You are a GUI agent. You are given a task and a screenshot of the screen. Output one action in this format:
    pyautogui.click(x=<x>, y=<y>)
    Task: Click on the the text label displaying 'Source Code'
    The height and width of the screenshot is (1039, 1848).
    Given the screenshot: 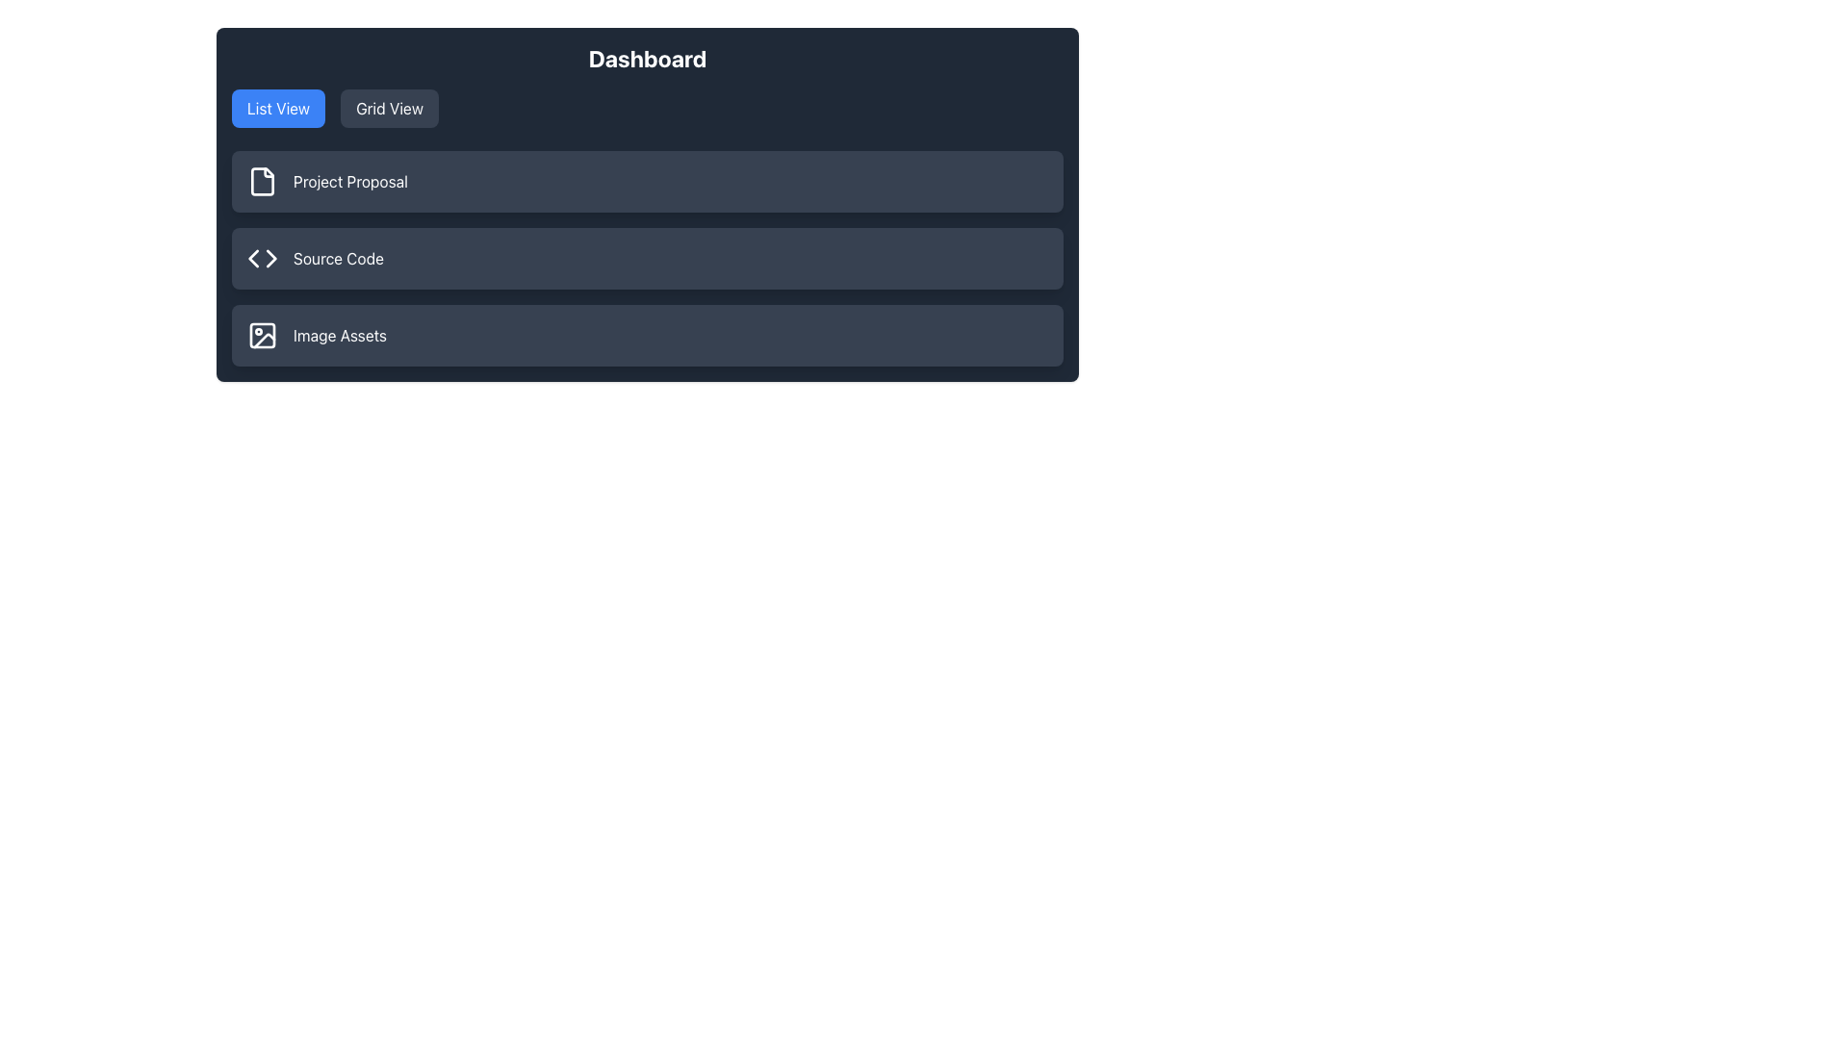 What is the action you would take?
    pyautogui.click(x=338, y=258)
    